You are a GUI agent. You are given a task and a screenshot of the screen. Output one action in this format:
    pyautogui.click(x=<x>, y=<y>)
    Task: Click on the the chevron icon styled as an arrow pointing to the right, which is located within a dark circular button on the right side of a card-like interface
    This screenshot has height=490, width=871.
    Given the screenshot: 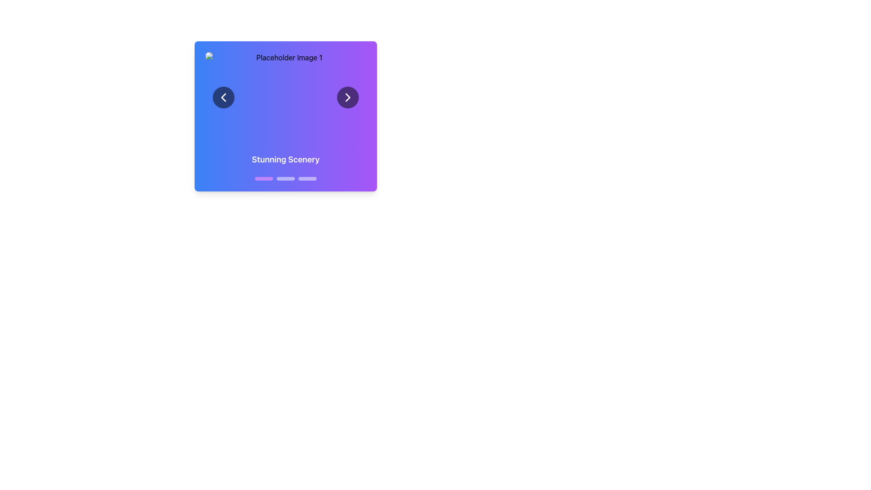 What is the action you would take?
    pyautogui.click(x=347, y=97)
    